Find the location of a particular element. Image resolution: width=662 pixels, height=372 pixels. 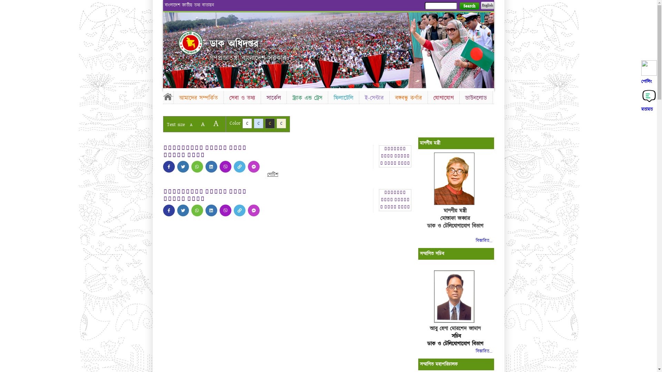

'Home' is located at coordinates (168, 96).